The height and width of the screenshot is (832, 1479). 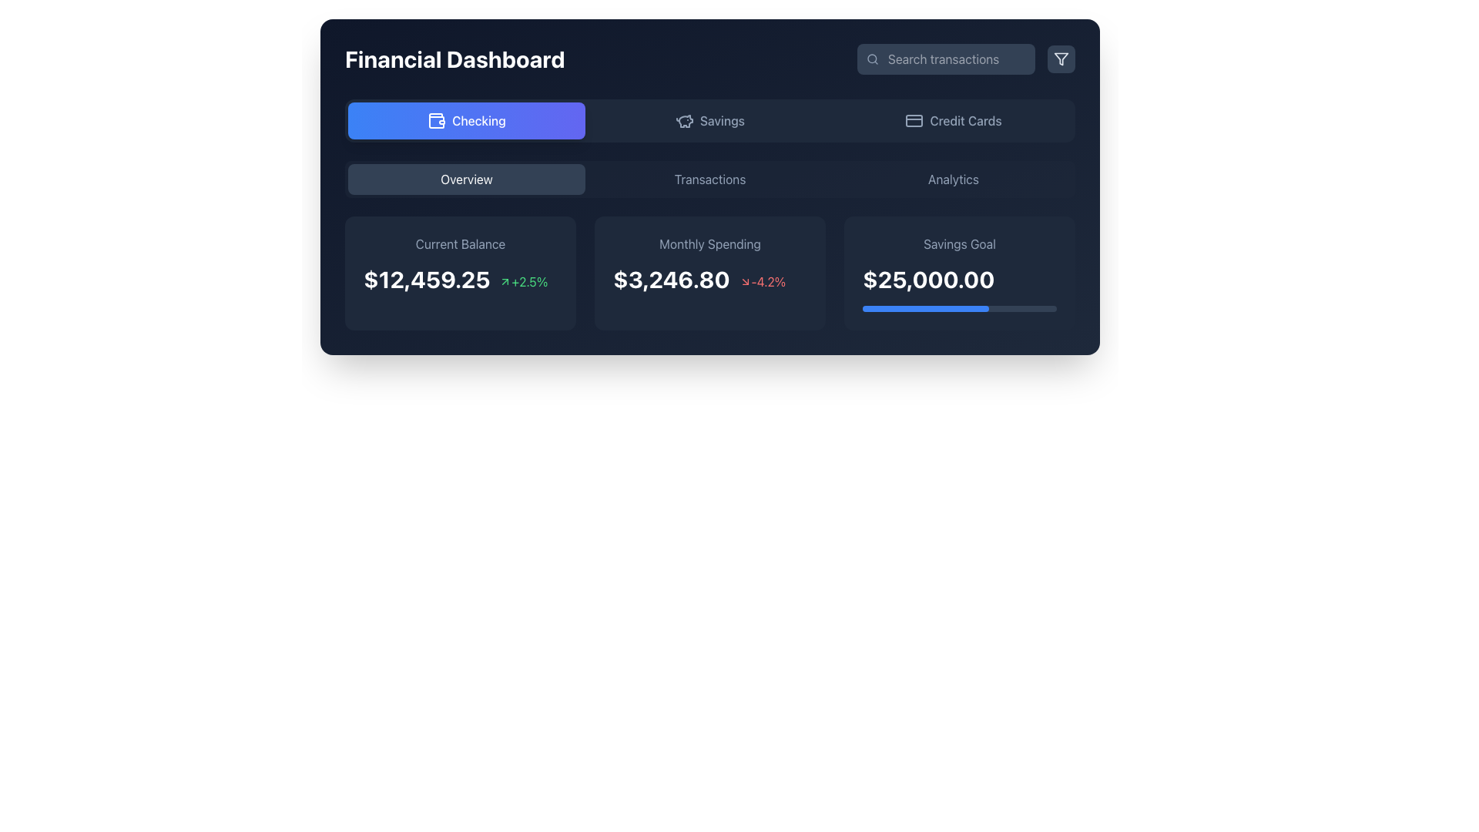 I want to click on the composite component consisting of three informational panels displaying financial information, located beneath the navigation tabs in the central lower portion of the interface, so click(x=709, y=245).